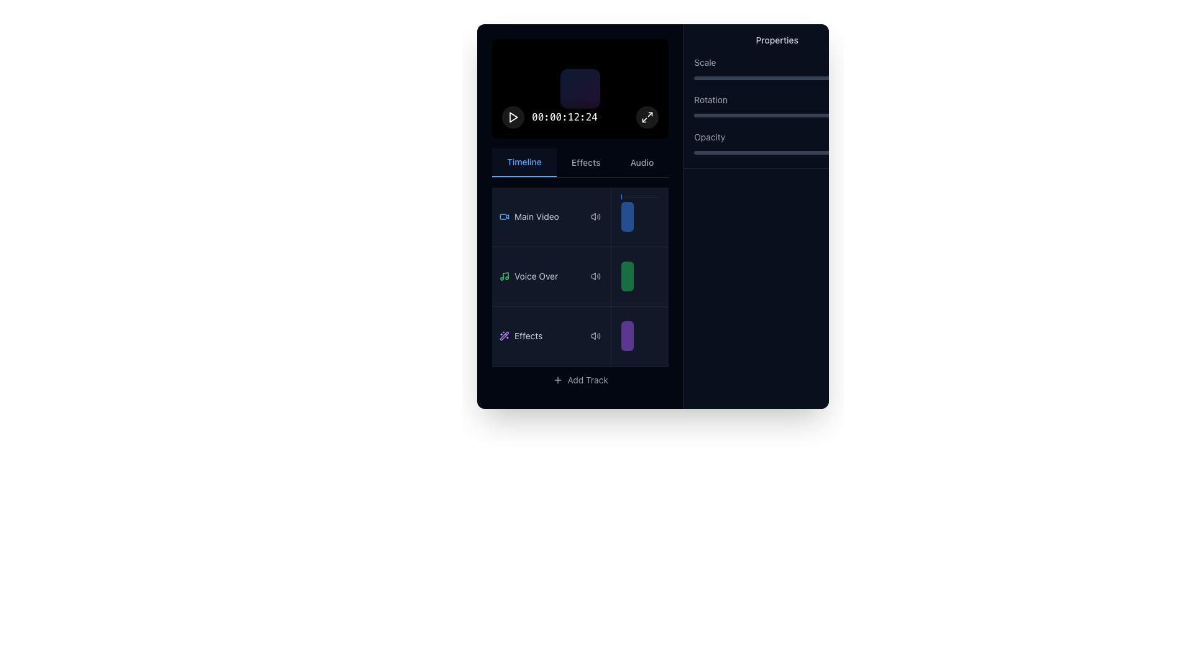 The width and height of the screenshot is (1193, 671). Describe the element at coordinates (504, 216) in the screenshot. I see `the 'Main Video' track icon located to the left of the 'Main Video' text label in the timeline section` at that location.